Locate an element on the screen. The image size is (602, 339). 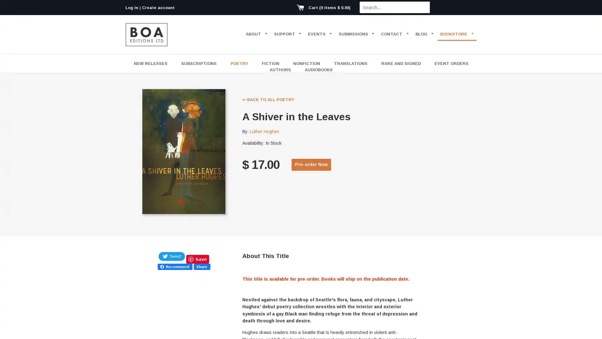
Pre-order Now is located at coordinates (311, 164).